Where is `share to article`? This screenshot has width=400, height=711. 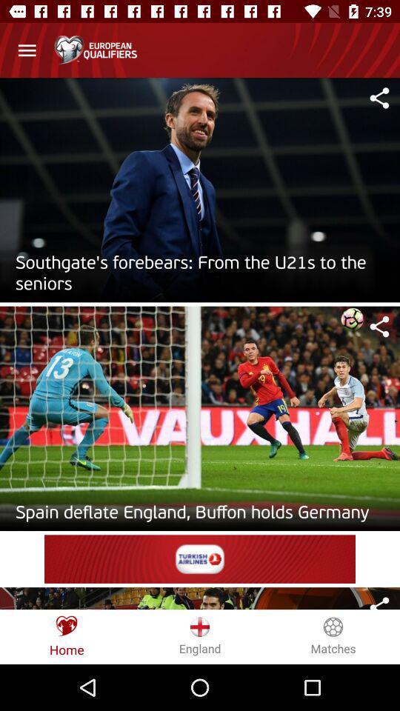 share to article is located at coordinates (379, 97).